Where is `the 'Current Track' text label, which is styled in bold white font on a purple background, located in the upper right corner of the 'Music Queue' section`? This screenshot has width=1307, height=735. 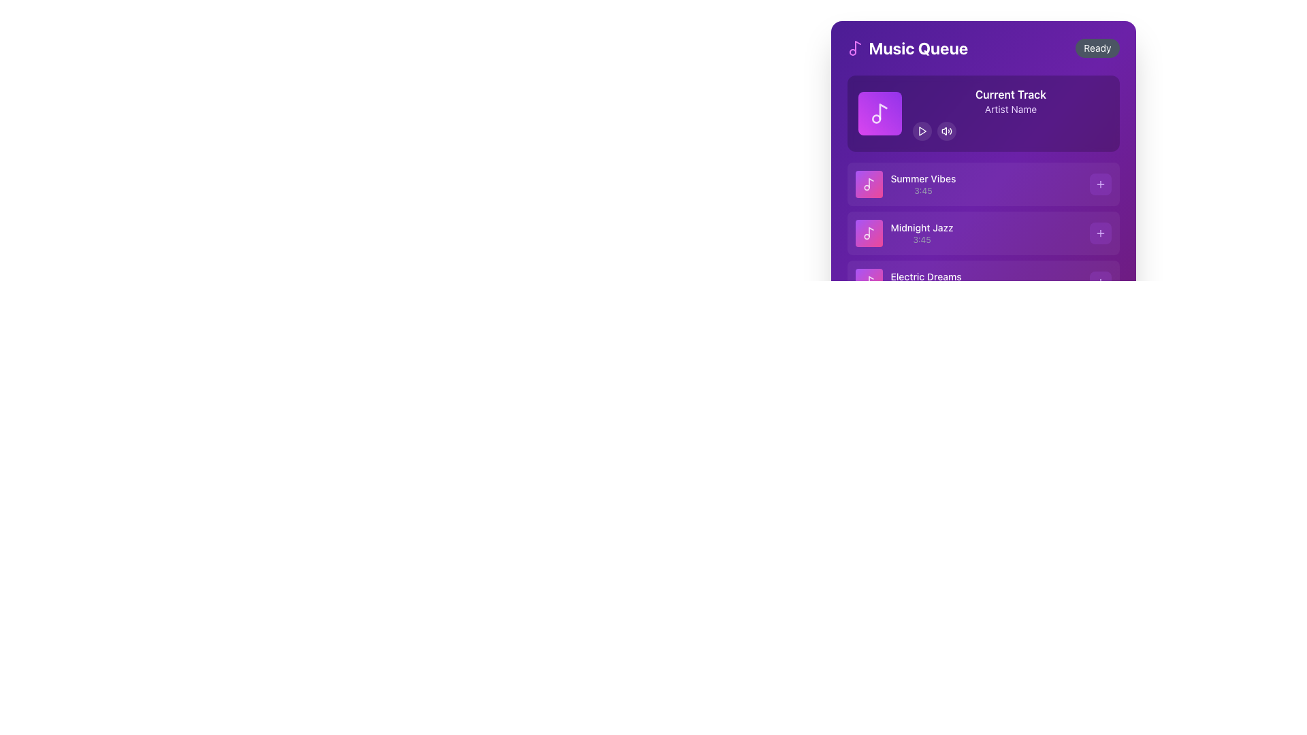 the 'Current Track' text label, which is styled in bold white font on a purple background, located in the upper right corner of the 'Music Queue' section is located at coordinates (1010, 93).